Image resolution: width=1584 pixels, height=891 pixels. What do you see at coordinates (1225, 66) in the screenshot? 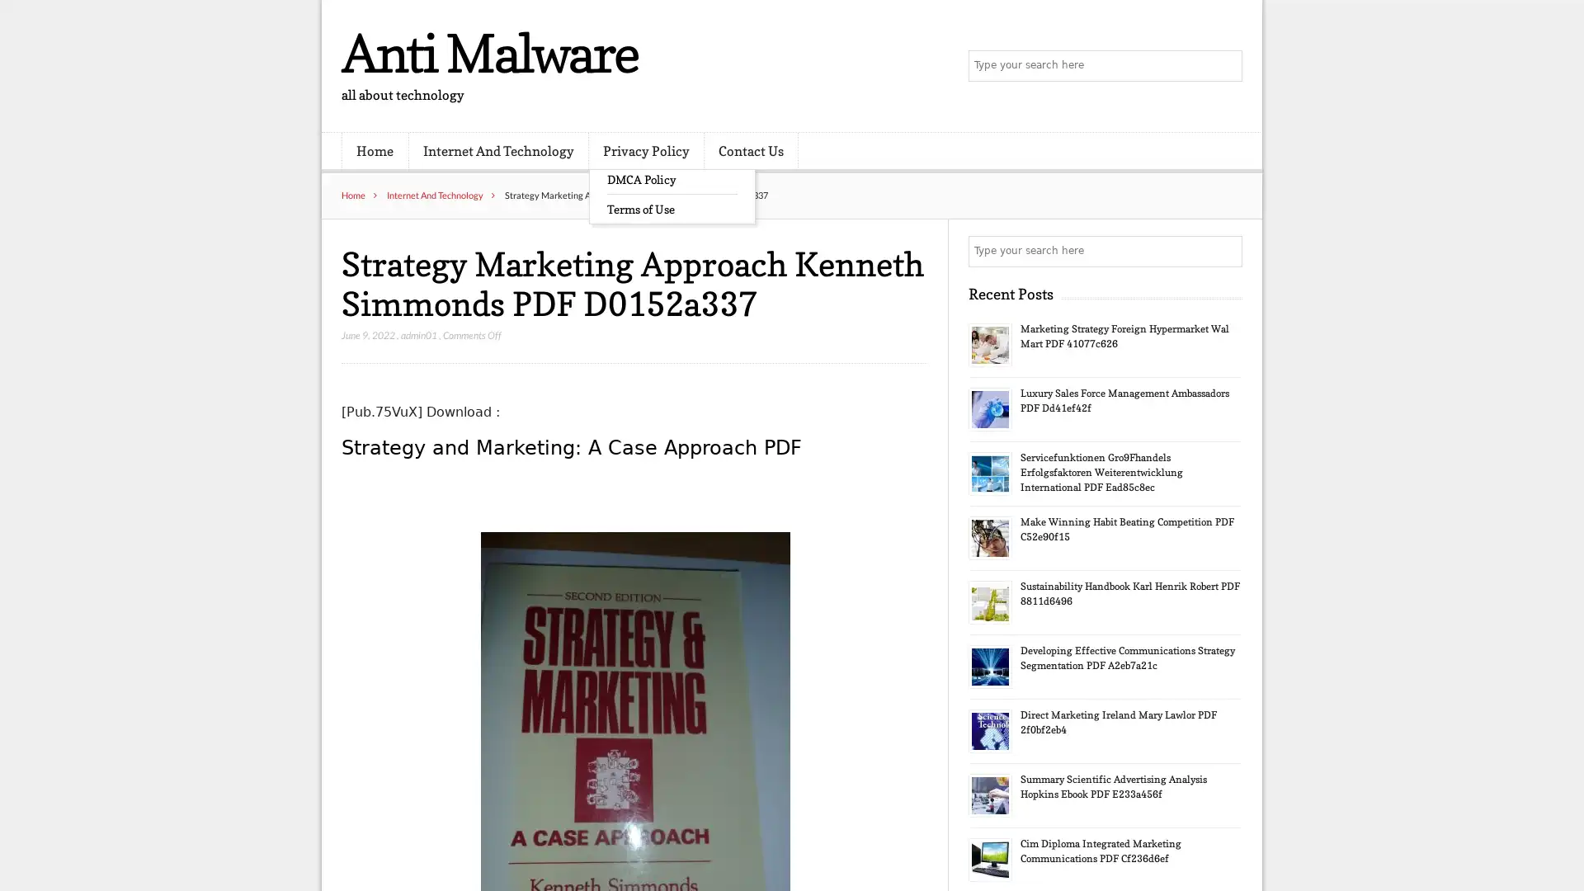
I see `Search` at bounding box center [1225, 66].